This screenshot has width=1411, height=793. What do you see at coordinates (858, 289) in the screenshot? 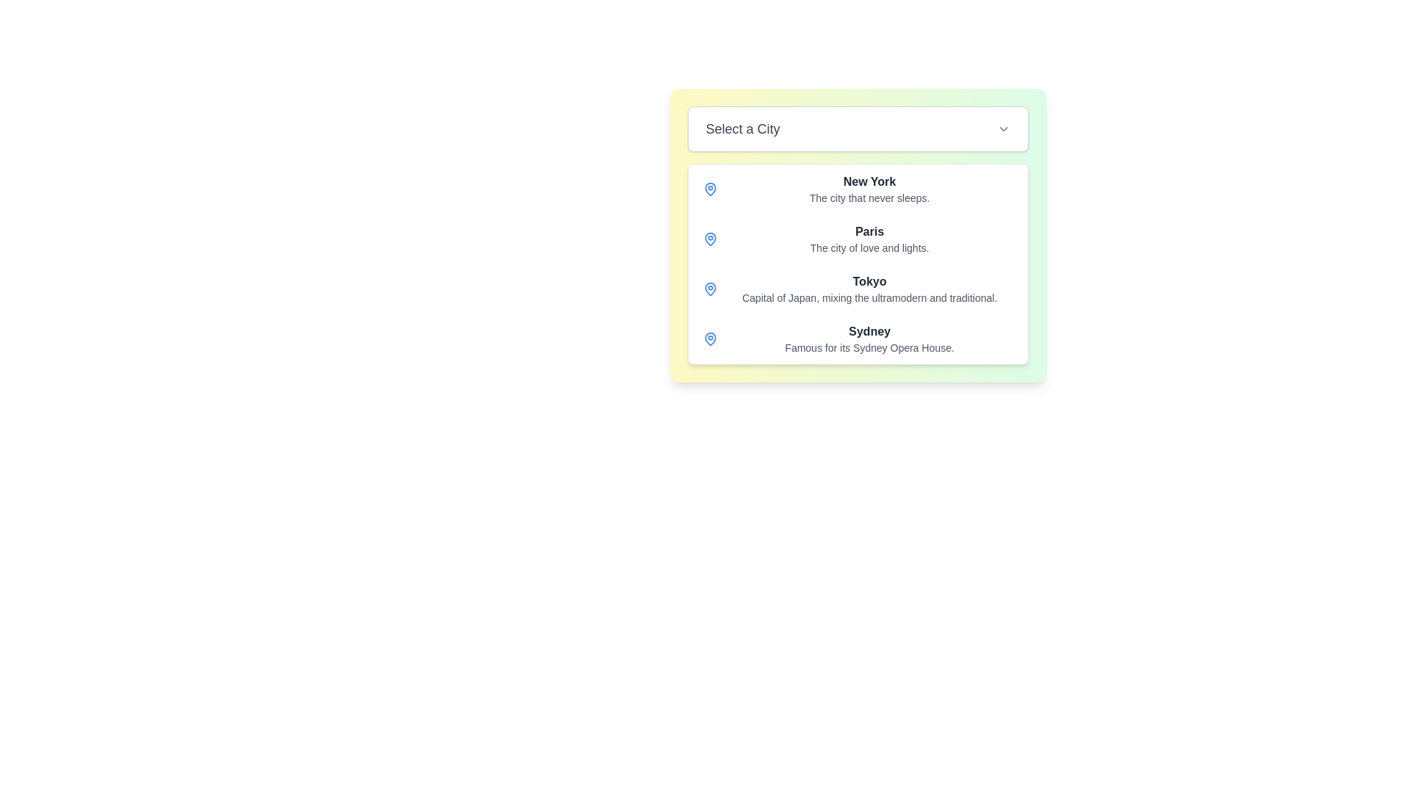
I see `the third entry in the vertical list representing the city Tokyo` at bounding box center [858, 289].